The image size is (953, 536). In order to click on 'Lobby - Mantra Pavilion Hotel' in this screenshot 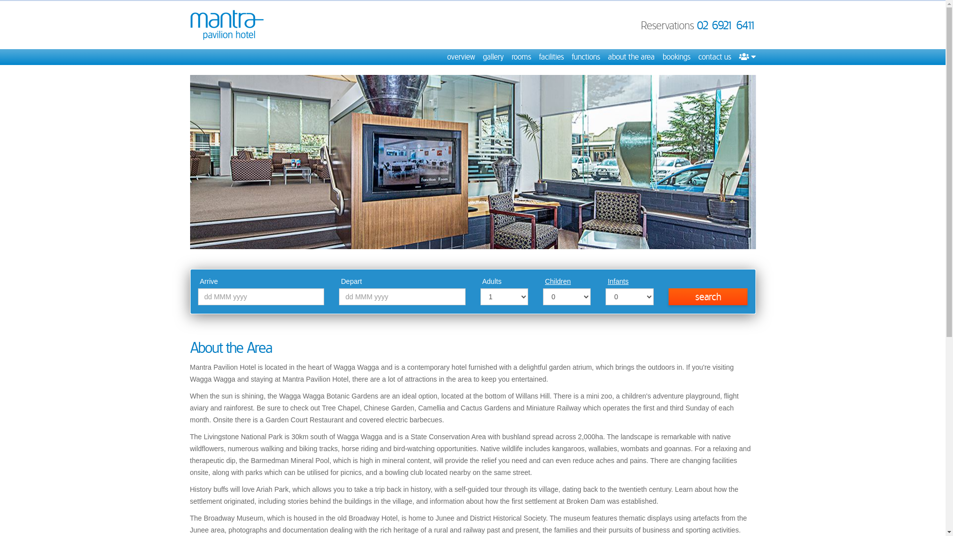, I will do `click(472, 161)`.